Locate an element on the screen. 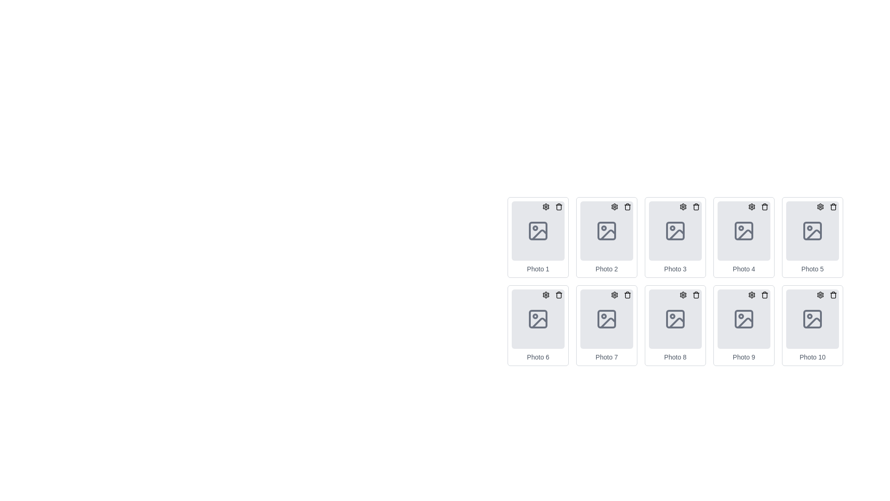 Image resolution: width=890 pixels, height=501 pixels. the SVG Rectangle with rounded corners that is part of the image icon for Photo 4 in the first row's fourth position of the photo grid is located at coordinates (744, 230).